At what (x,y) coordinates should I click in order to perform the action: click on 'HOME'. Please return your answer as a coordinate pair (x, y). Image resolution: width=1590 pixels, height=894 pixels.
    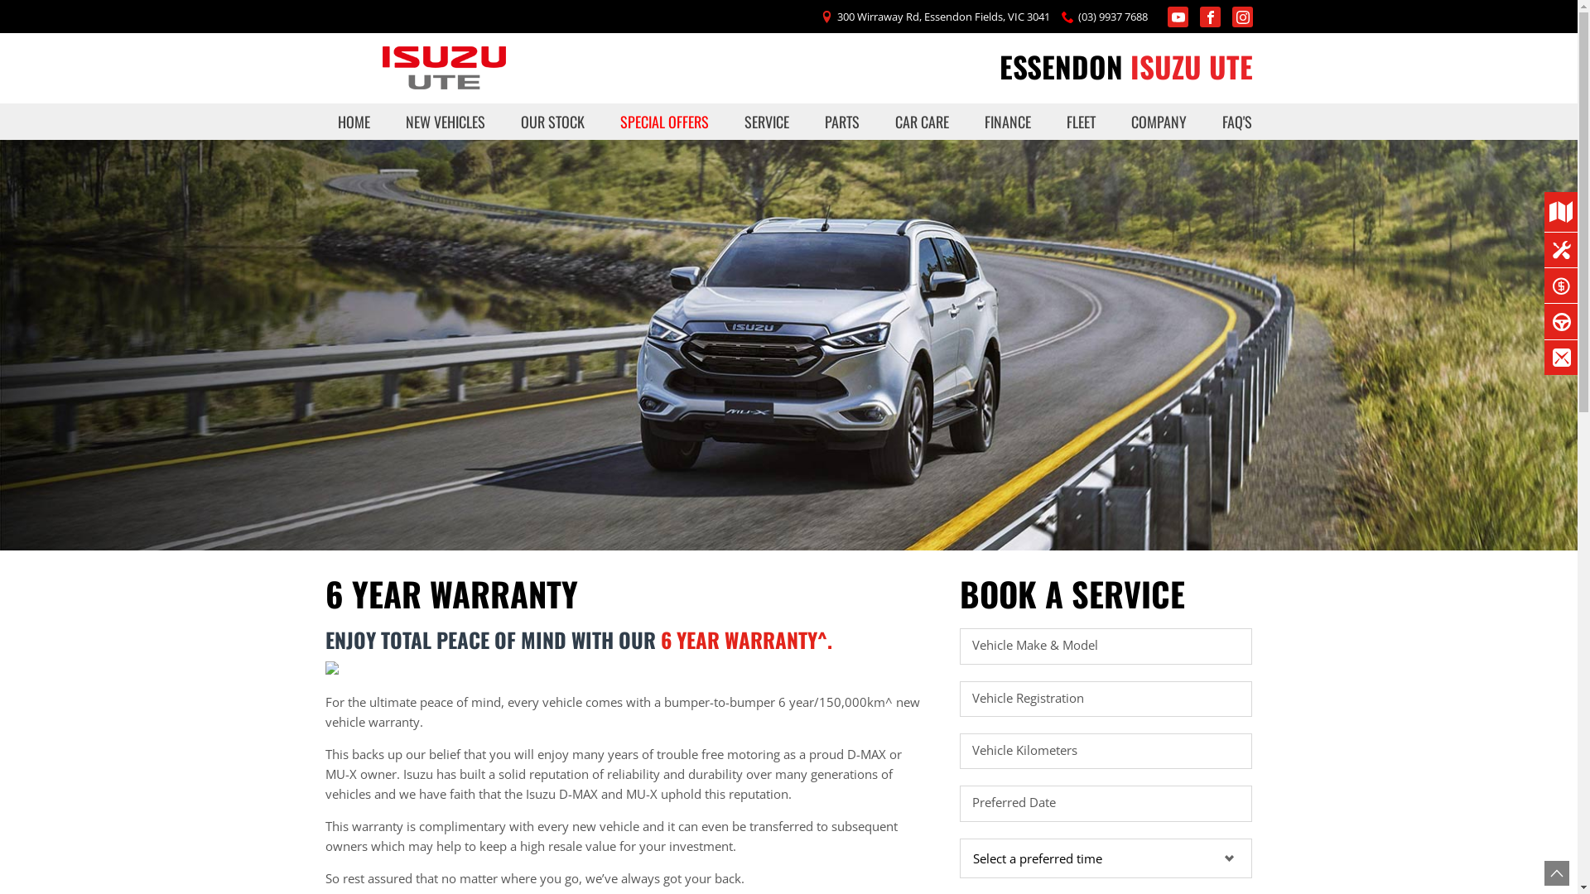
    Looking at the image, I should click on (352, 120).